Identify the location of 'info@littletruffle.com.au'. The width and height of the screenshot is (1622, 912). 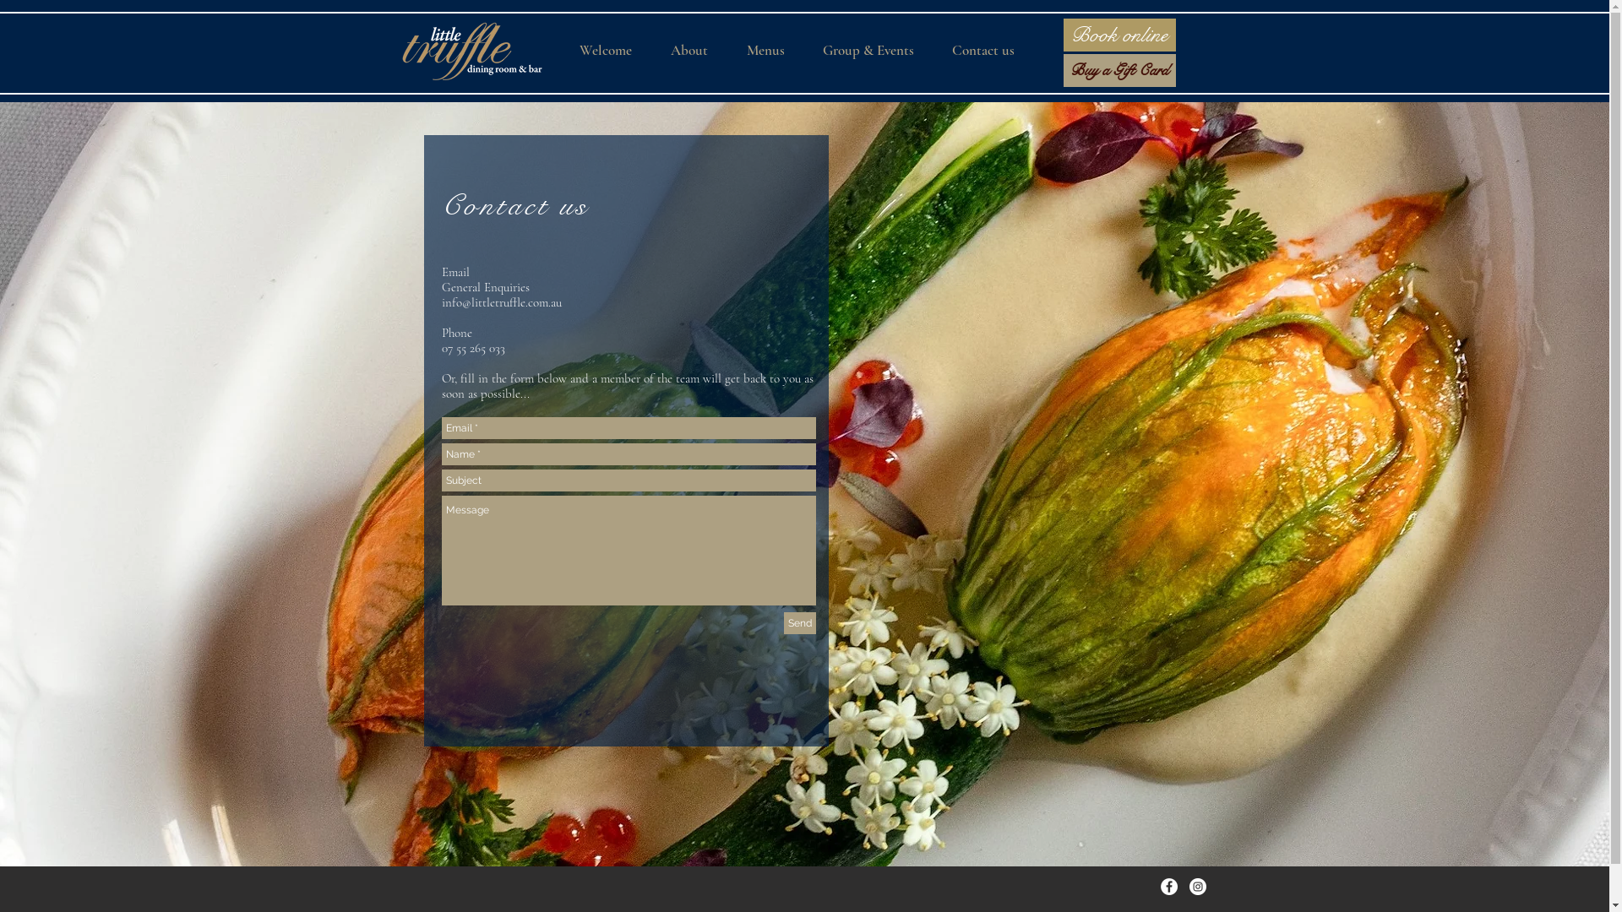
(441, 301).